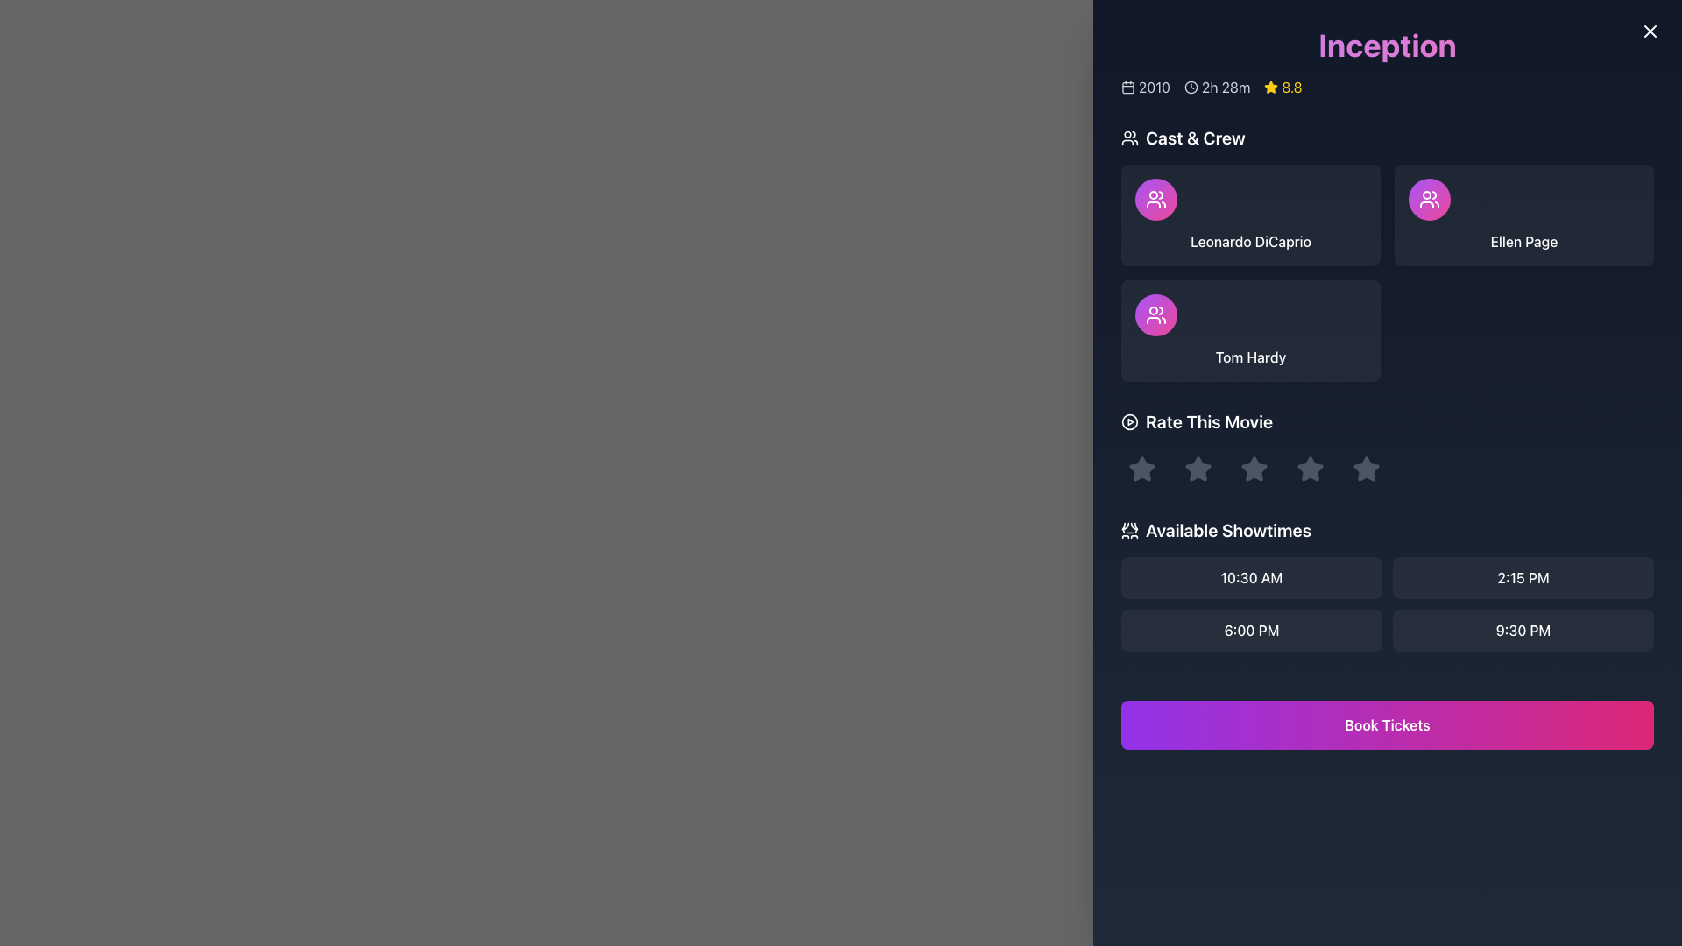 The height and width of the screenshot is (946, 1682). Describe the element at coordinates (1250, 357) in the screenshot. I see `the Static Text Label displaying the name of an individual in the 'Cast & Crew' section, located below 'Leonardo DiCaprio' and 'Ellen Page'` at that location.